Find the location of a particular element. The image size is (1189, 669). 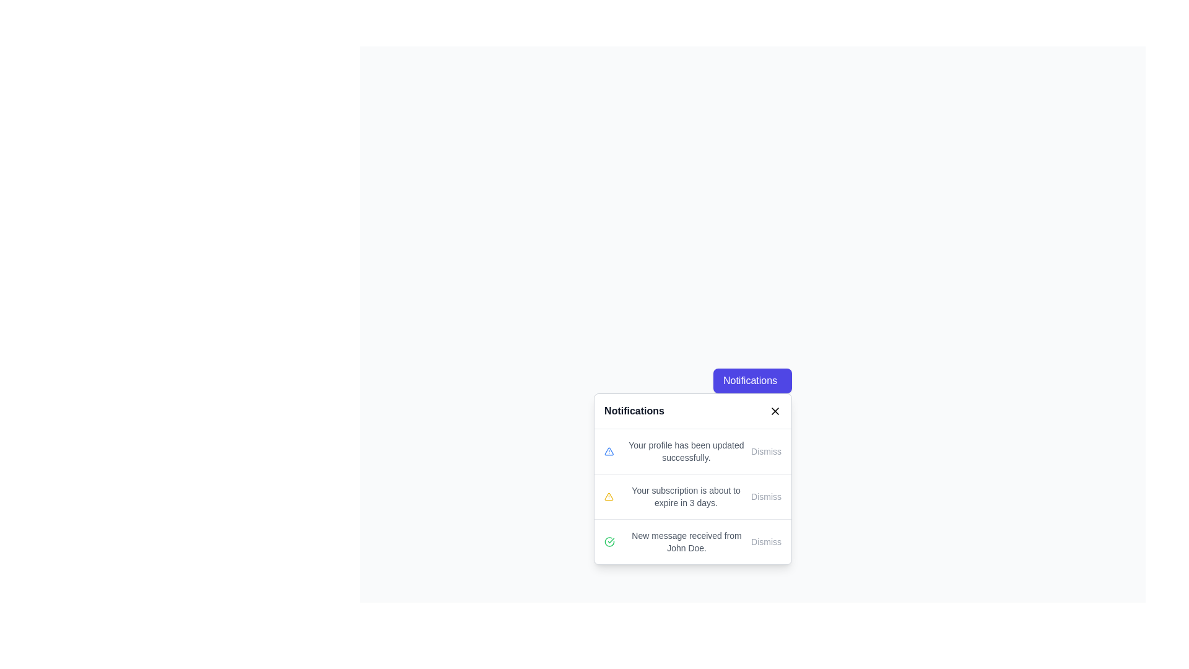

the alert icon located within the notifications pop-up box, adjacent to the message 'Your profile has been updated successfully.' is located at coordinates (609, 496).